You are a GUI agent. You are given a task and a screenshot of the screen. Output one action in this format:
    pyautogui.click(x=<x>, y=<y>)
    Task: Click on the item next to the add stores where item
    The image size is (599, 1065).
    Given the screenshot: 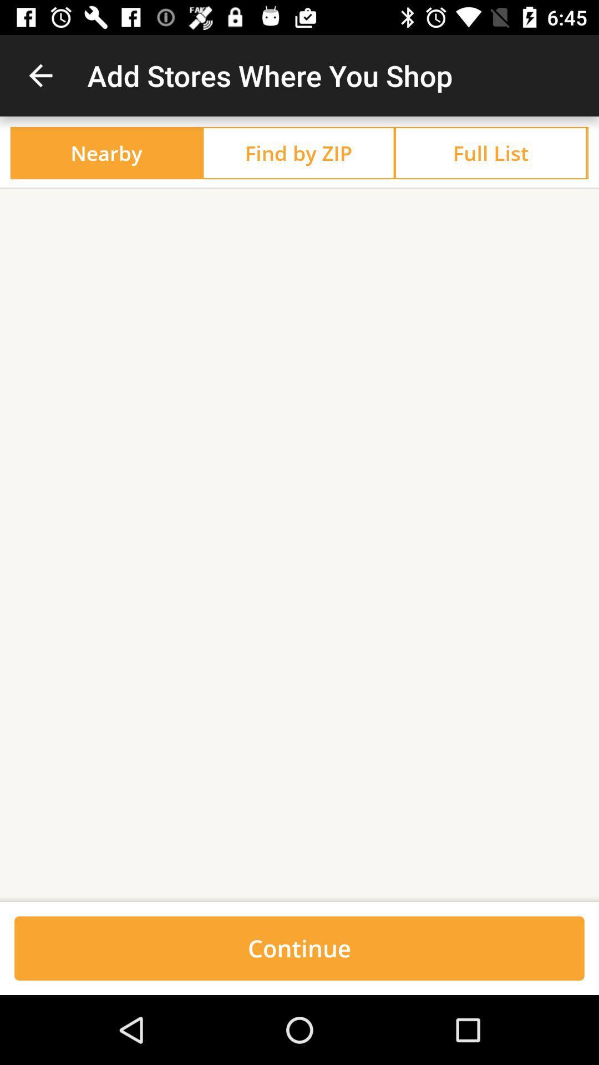 What is the action you would take?
    pyautogui.click(x=40, y=75)
    